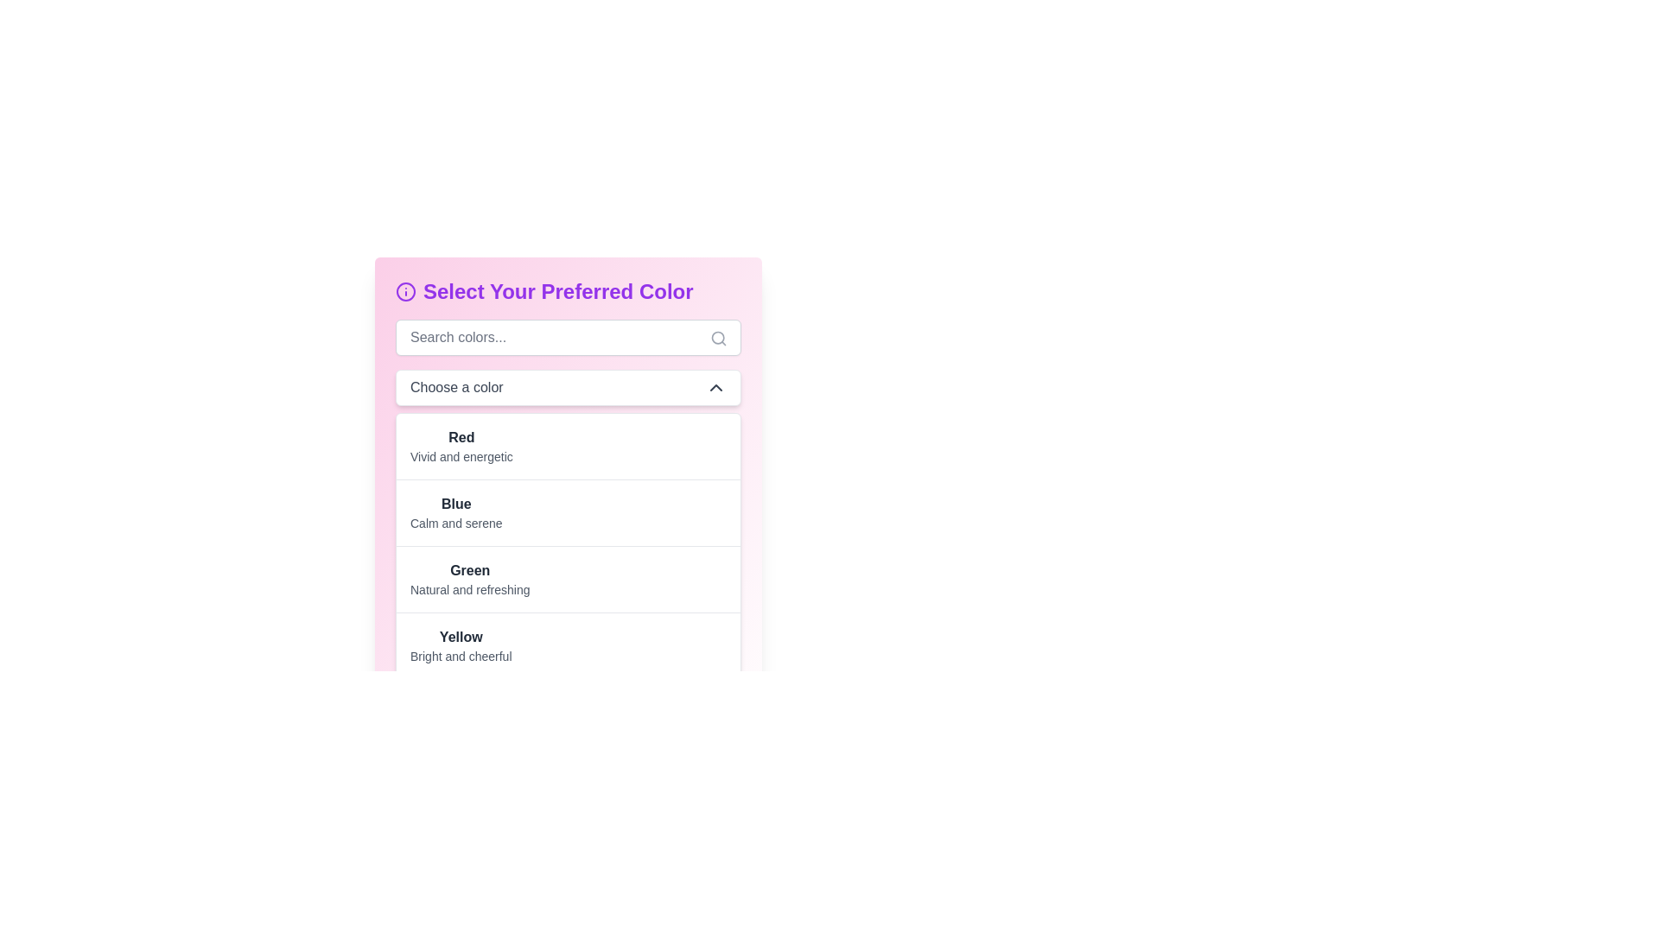 This screenshot has width=1659, height=933. Describe the element at coordinates (470, 588) in the screenshot. I see `descriptive text label providing information about the color 'Green', which is located below the heading 'Green' in a vertical list` at that location.